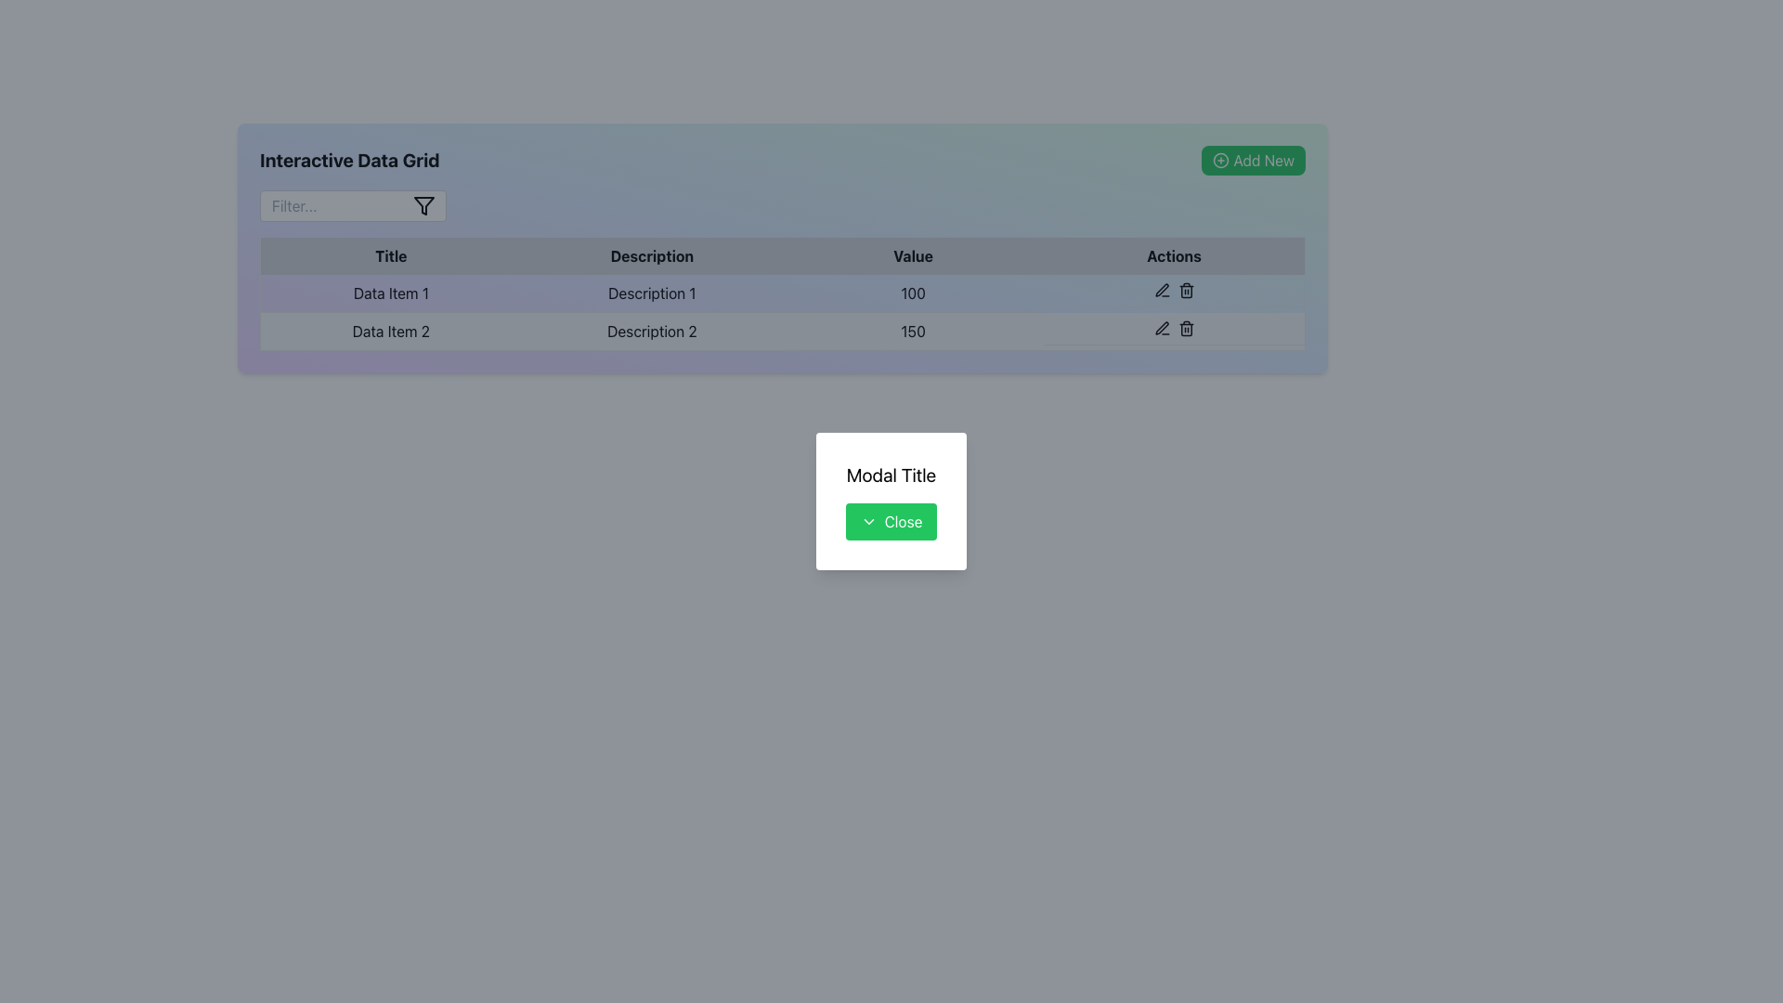 The image size is (1783, 1003). Describe the element at coordinates (1185, 328) in the screenshot. I see `the trash icon located on the right side of the second row in the table under the 'Actions' column` at that location.